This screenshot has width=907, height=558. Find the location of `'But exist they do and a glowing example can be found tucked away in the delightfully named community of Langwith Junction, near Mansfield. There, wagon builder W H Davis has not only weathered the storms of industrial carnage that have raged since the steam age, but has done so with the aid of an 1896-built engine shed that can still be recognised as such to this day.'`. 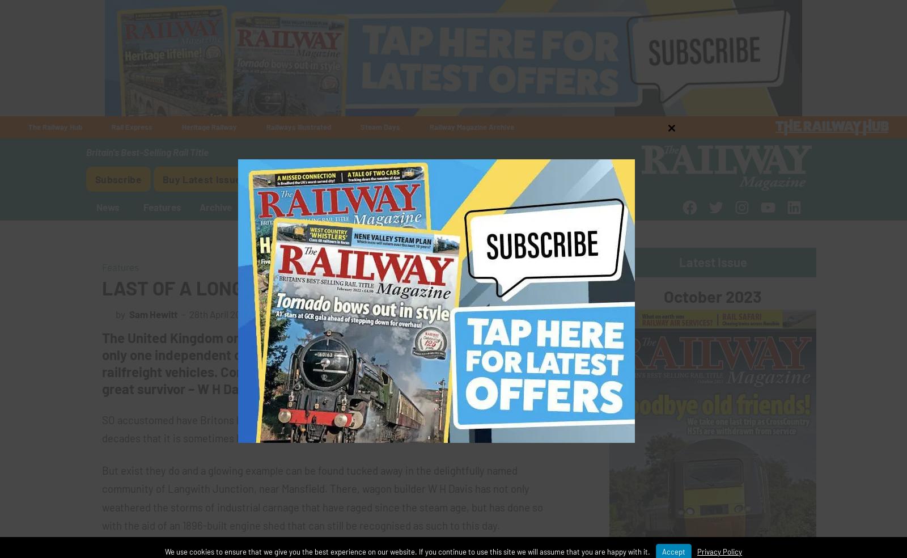

'But exist they do and a glowing example can be found tucked away in the delightfully named community of Langwith Junction, near Mansfield. There, wagon builder W H Davis has not only weathered the storms of industrial carnage that have raged since the steam age, but has done so with the aid of an 1896-built engine shed that can still be recognised as such to this day.' is located at coordinates (321, 497).